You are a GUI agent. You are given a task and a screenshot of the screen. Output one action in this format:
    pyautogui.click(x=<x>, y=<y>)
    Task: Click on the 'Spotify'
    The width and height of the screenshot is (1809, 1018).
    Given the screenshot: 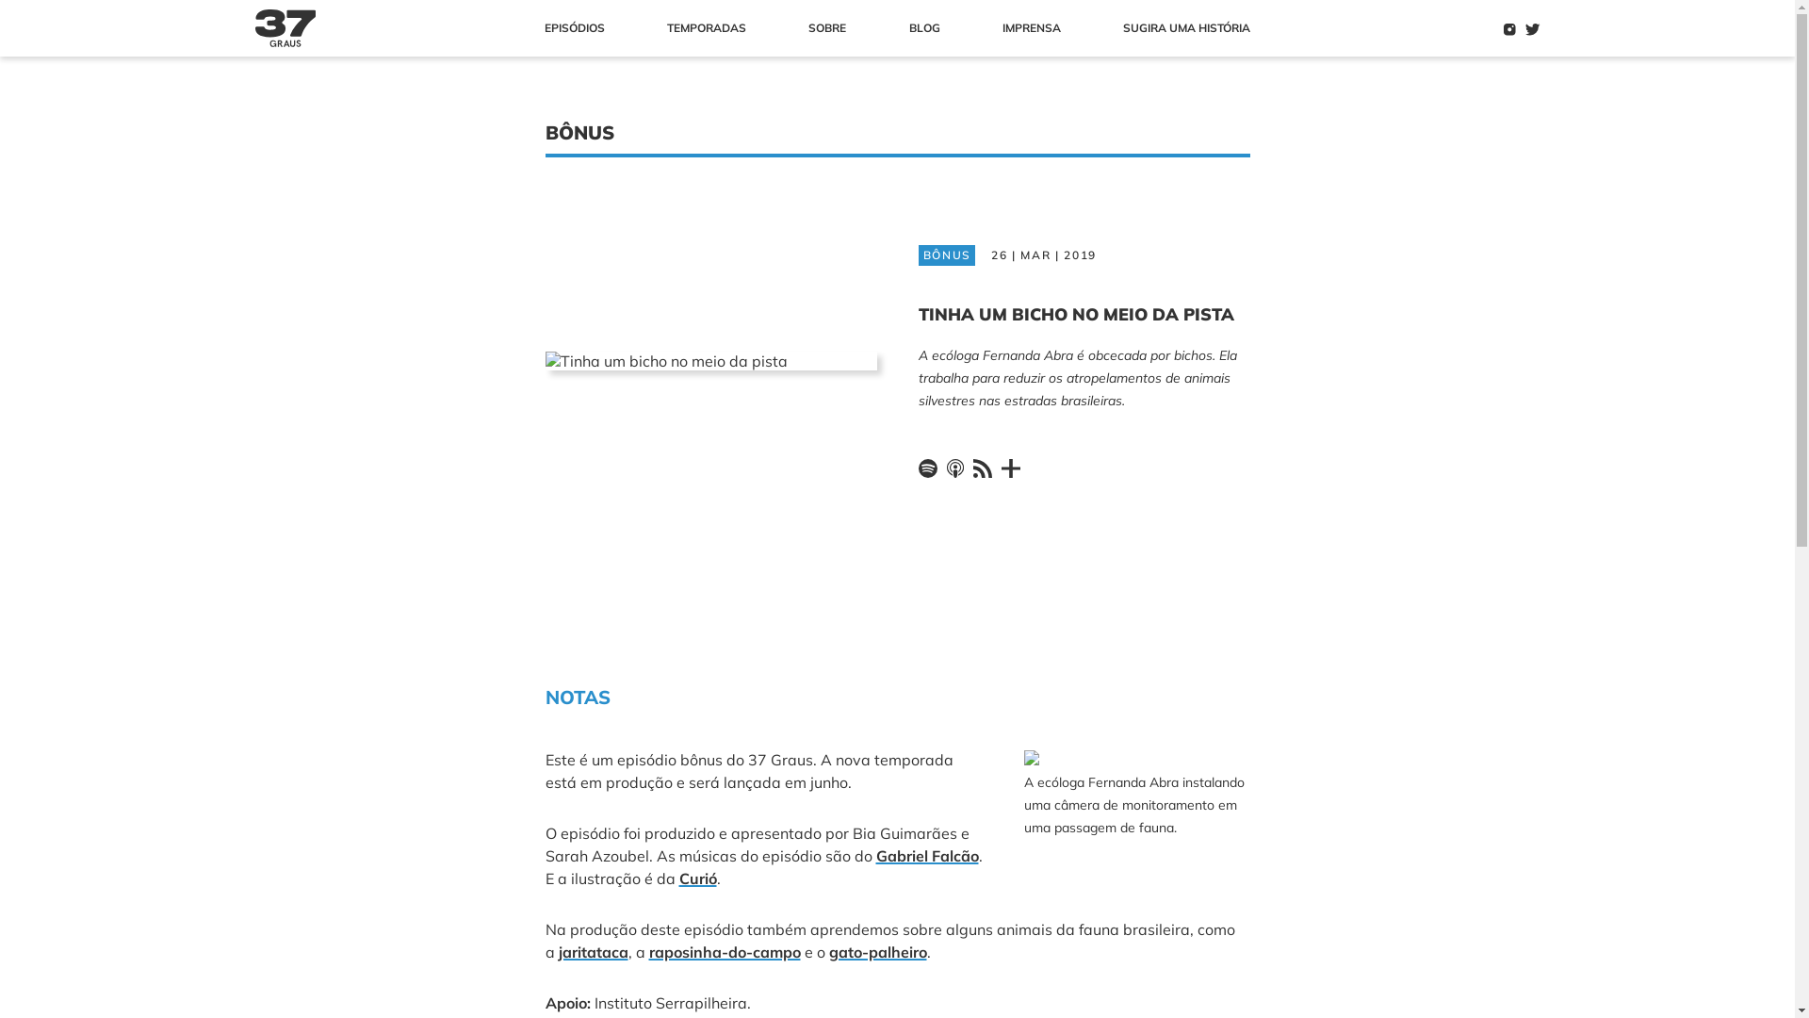 What is the action you would take?
    pyautogui.click(x=931, y=467)
    